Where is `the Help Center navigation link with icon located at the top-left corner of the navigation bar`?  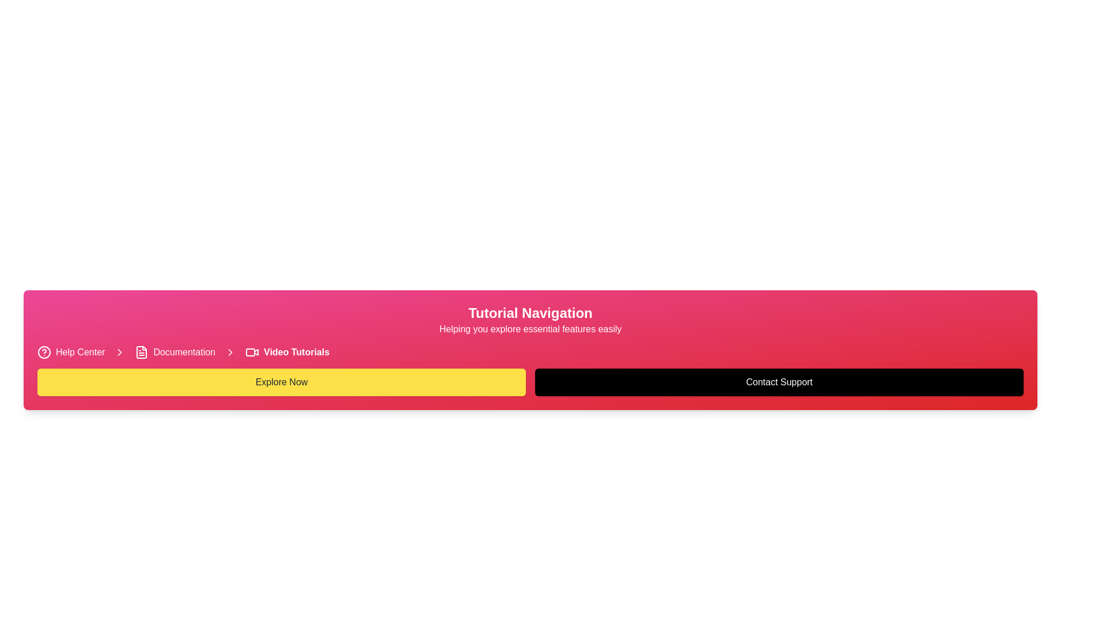 the Help Center navigation link with icon located at the top-left corner of the navigation bar is located at coordinates (70, 352).